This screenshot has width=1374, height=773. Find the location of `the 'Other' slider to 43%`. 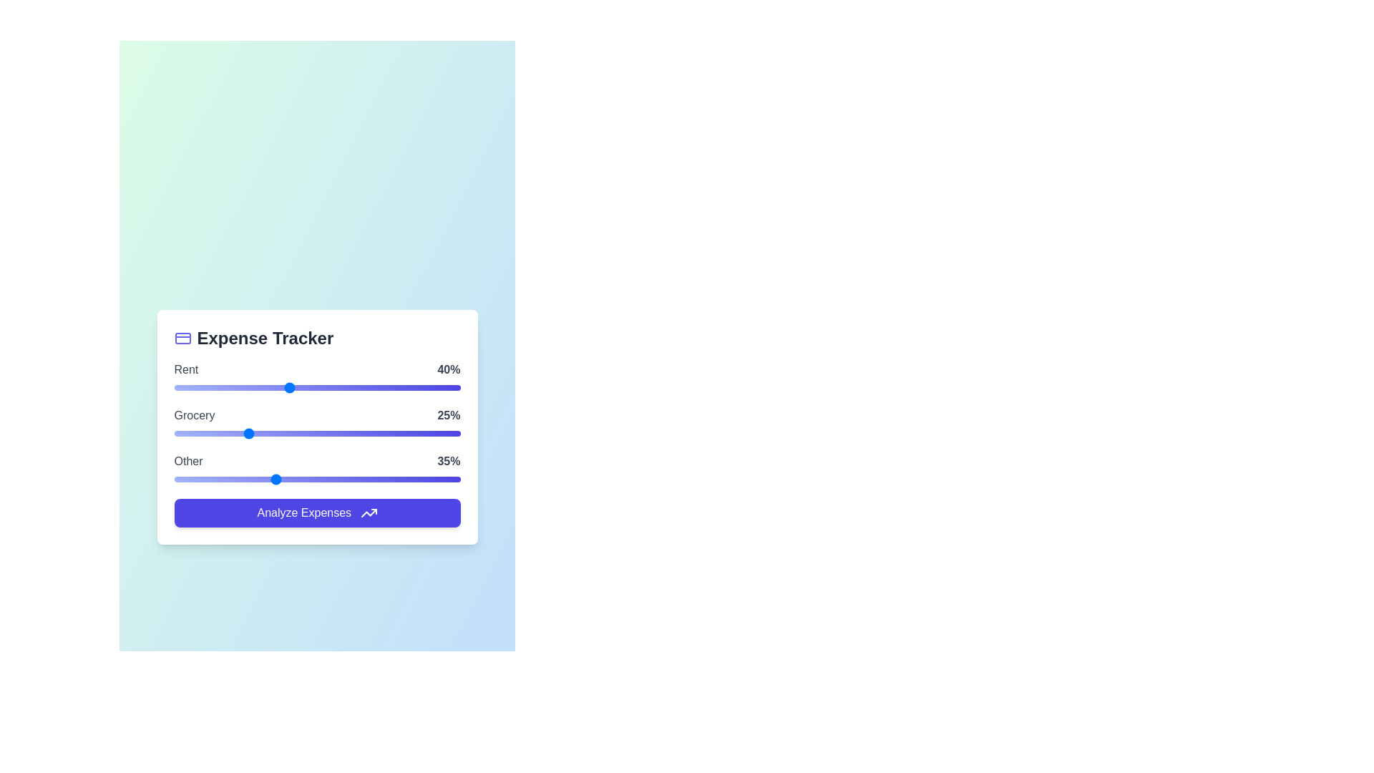

the 'Other' slider to 43% is located at coordinates (296, 479).